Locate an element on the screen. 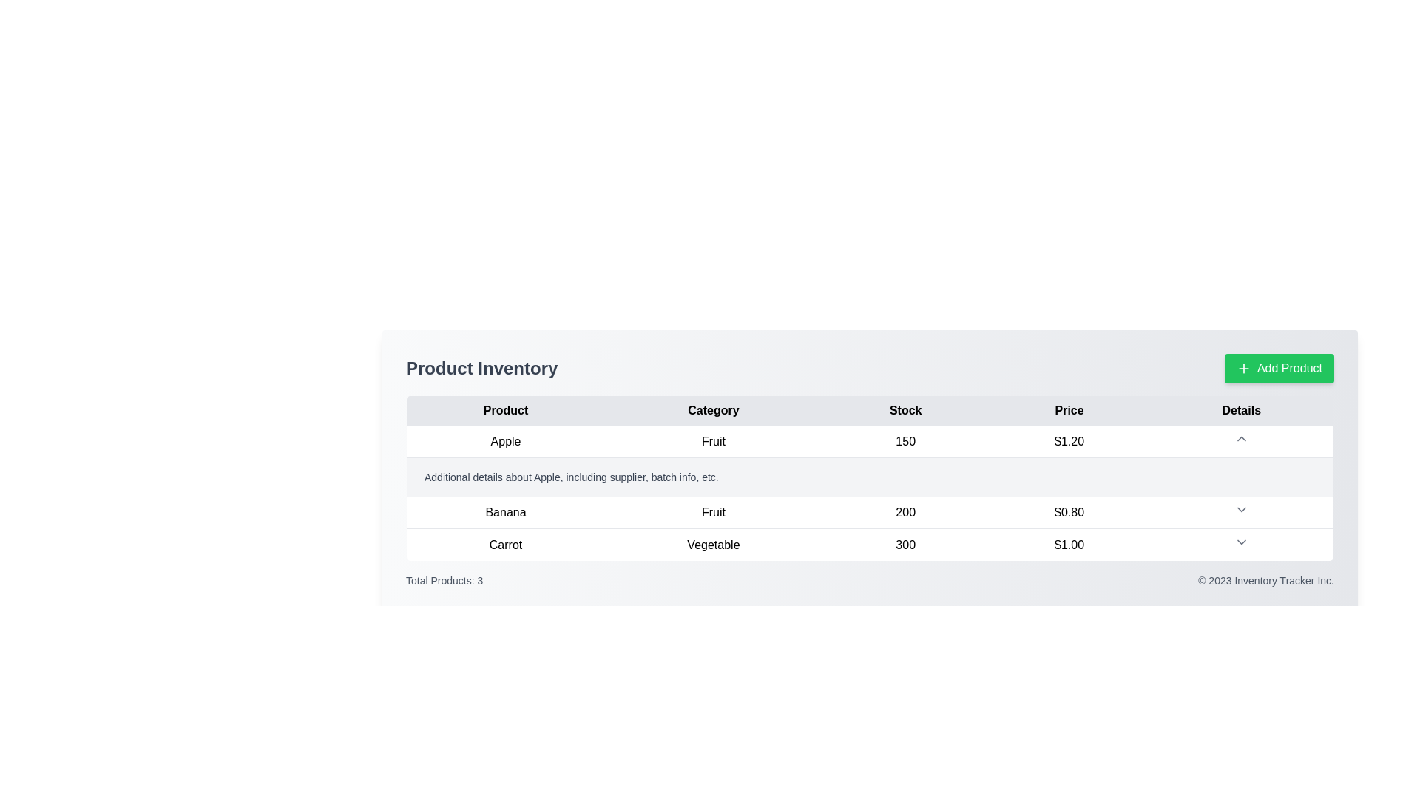  the text label displaying the word 'Fruit', which is a black sans-serif font centered within a light background, located in the Category column of the Banana row in the table is located at coordinates (713, 511).